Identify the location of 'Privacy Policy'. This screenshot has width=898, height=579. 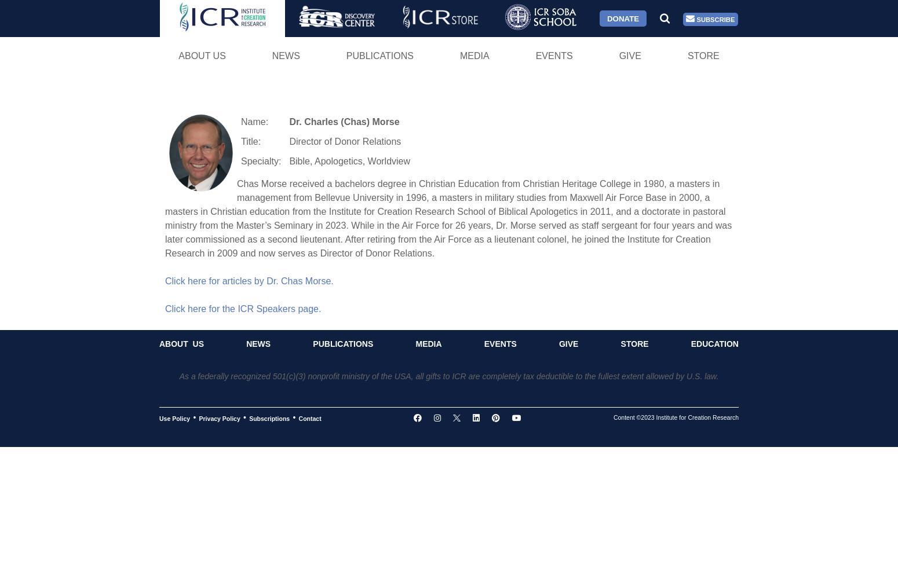
(198, 417).